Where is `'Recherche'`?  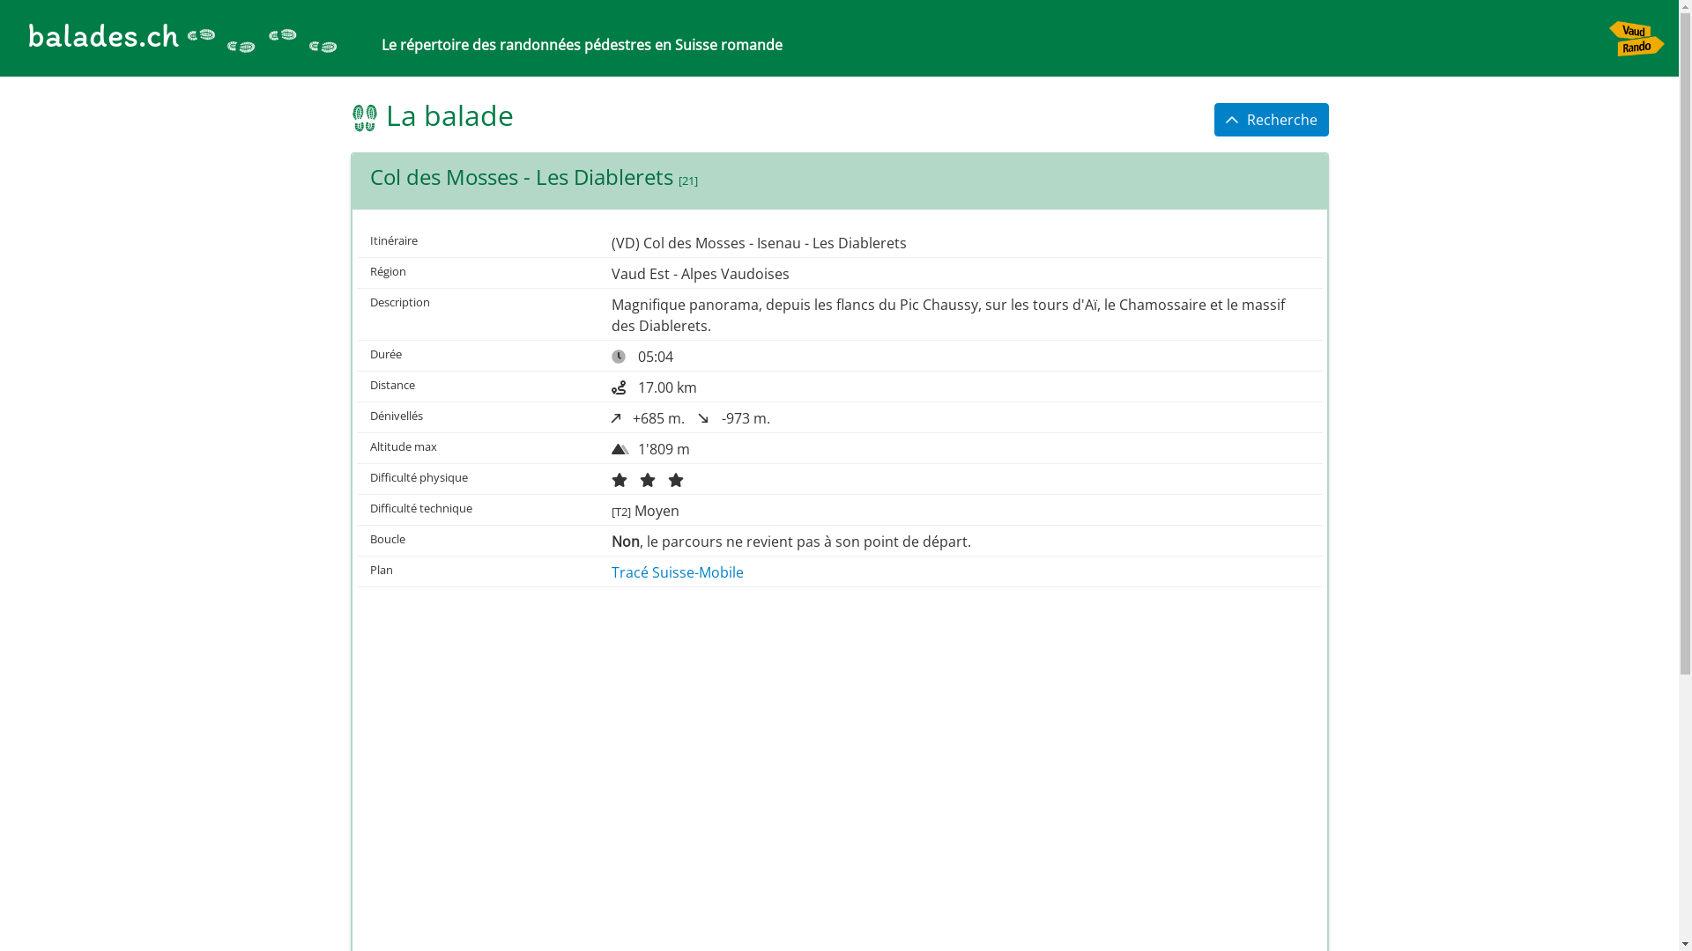 'Recherche' is located at coordinates (1213, 119).